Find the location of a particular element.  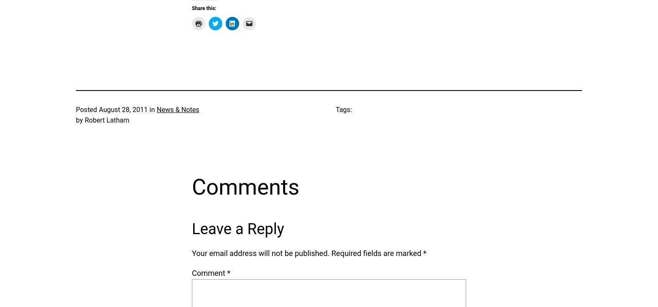

'Share this:' is located at coordinates (204, 8).